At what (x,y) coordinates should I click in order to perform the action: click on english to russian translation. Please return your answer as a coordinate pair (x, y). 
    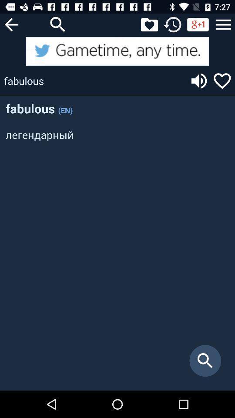
    Looking at the image, I should click on (117, 51).